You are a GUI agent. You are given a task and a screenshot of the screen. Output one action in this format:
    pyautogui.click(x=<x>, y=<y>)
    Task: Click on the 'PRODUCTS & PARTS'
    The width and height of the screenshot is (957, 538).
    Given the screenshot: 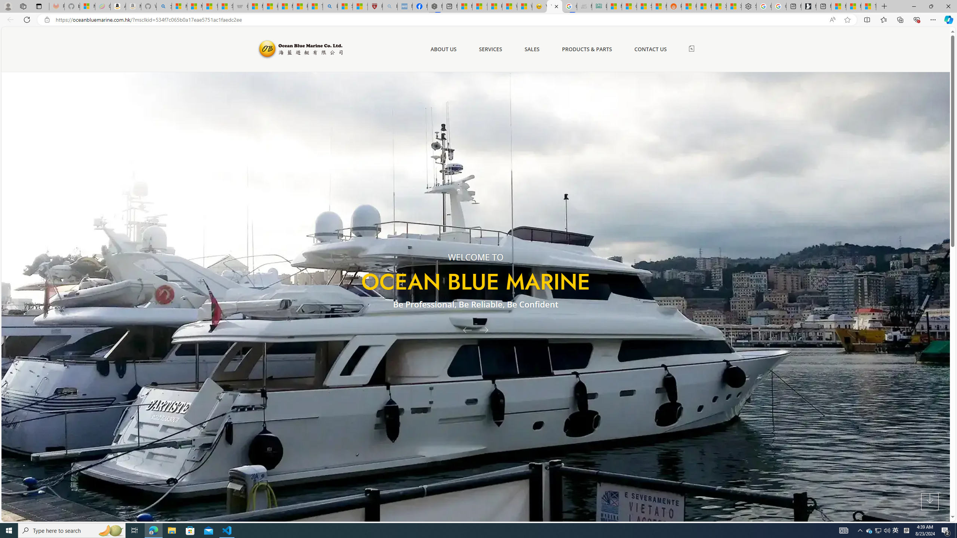 What is the action you would take?
    pyautogui.click(x=587, y=49)
    